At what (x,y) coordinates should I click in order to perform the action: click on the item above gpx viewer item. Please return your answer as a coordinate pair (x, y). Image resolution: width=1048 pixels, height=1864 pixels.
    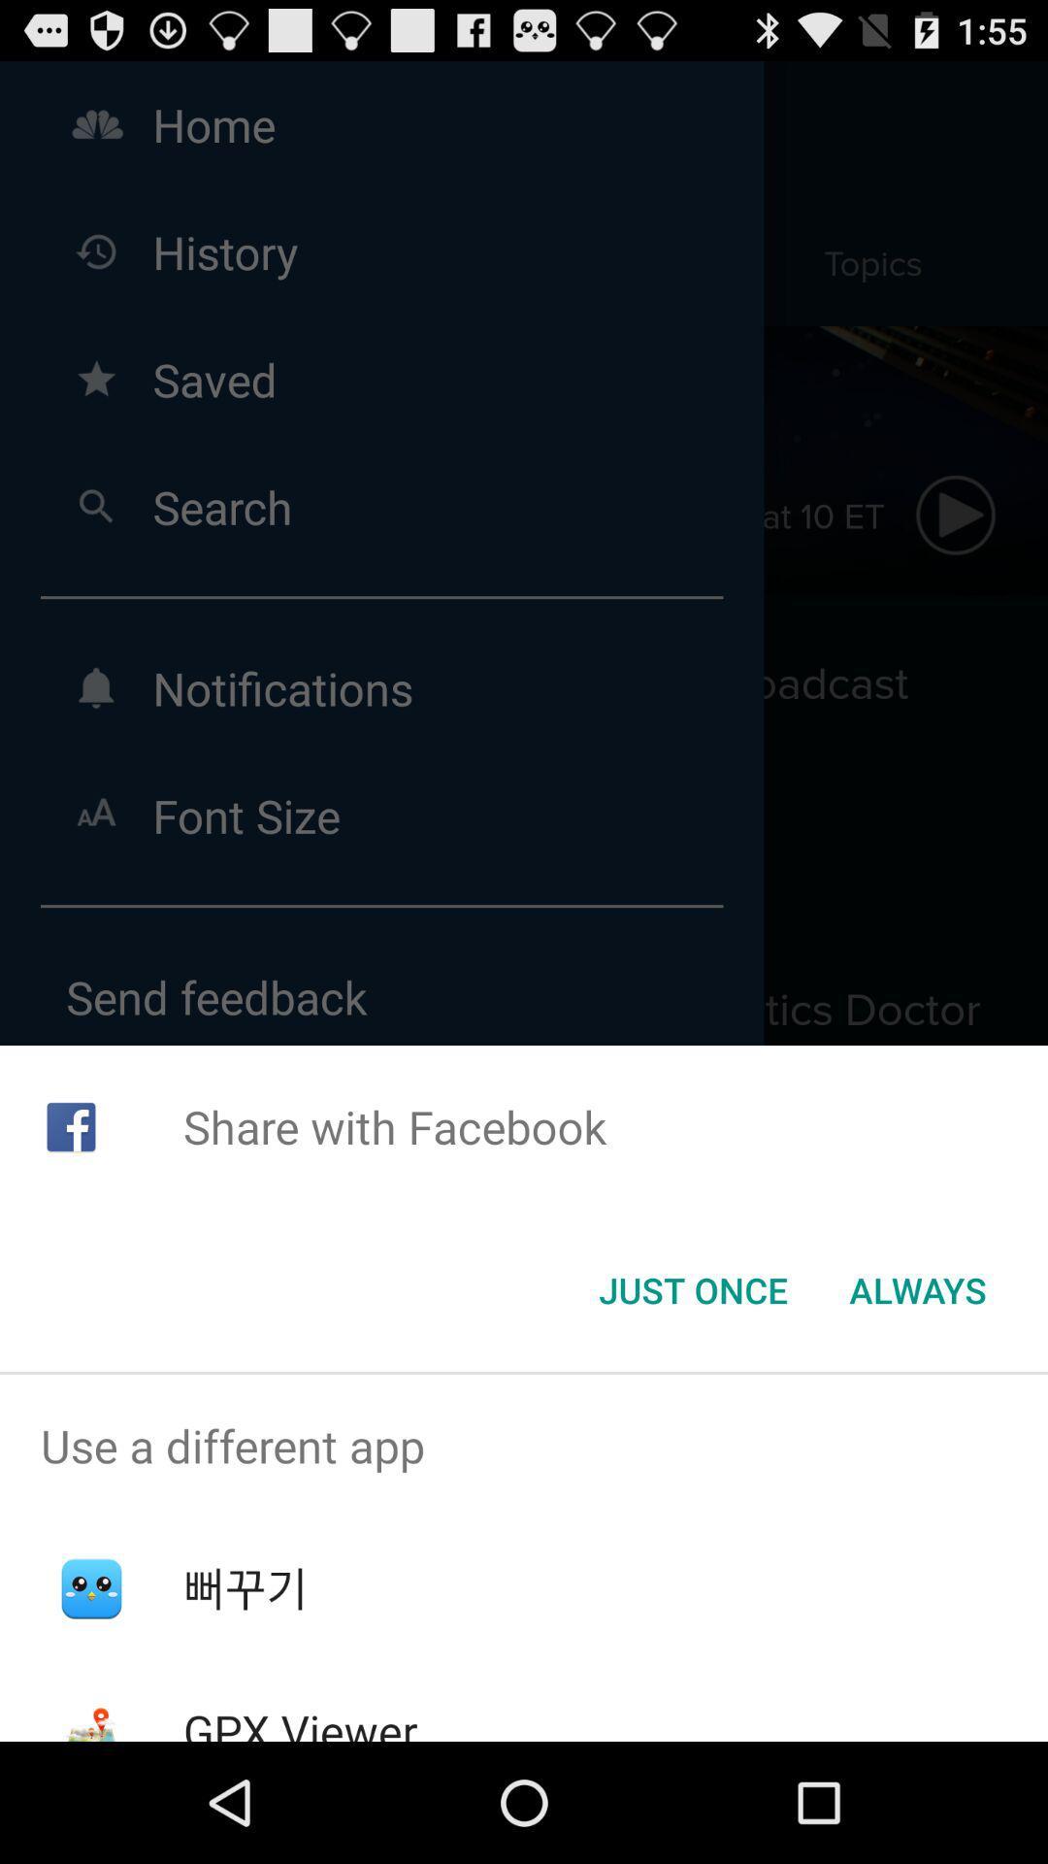
    Looking at the image, I should click on (245, 1588).